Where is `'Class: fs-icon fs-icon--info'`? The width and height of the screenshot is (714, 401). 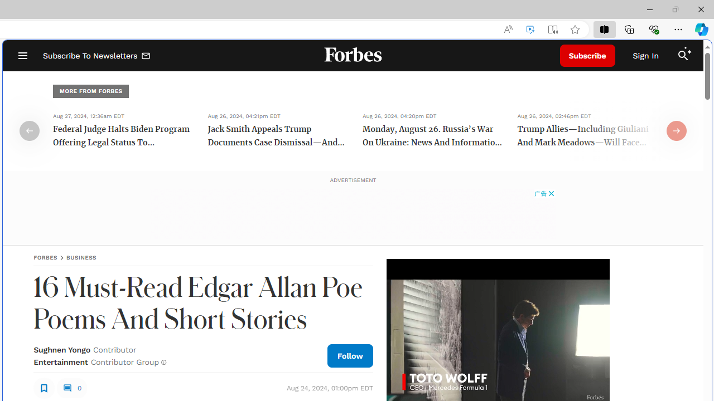
'Class: fs-icon fs-icon--info' is located at coordinates (163, 362).